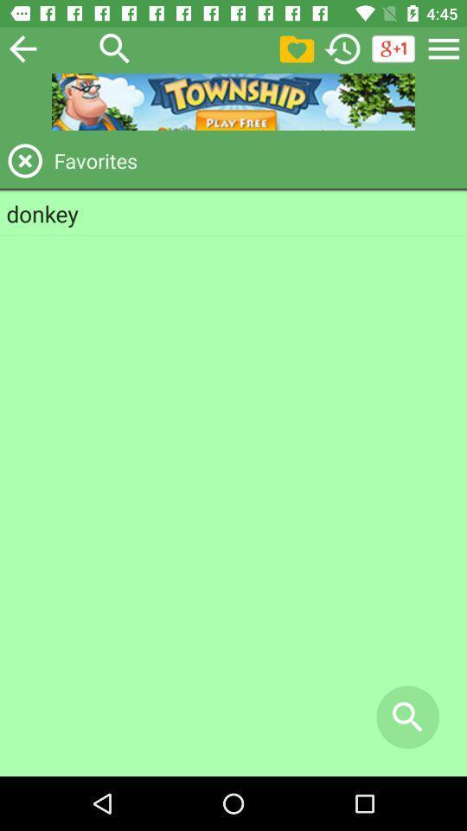 This screenshot has height=831, width=467. Describe the element at coordinates (115, 48) in the screenshot. I see `search the page` at that location.